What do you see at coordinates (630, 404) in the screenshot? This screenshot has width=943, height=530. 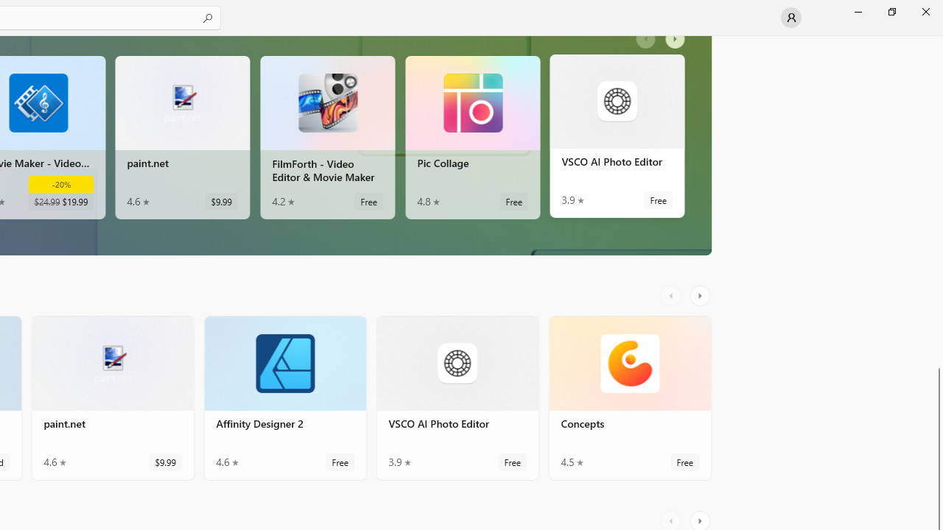 I see `'Concepts. Average rating of 4.5 out of five stars. Free  '` at bounding box center [630, 404].